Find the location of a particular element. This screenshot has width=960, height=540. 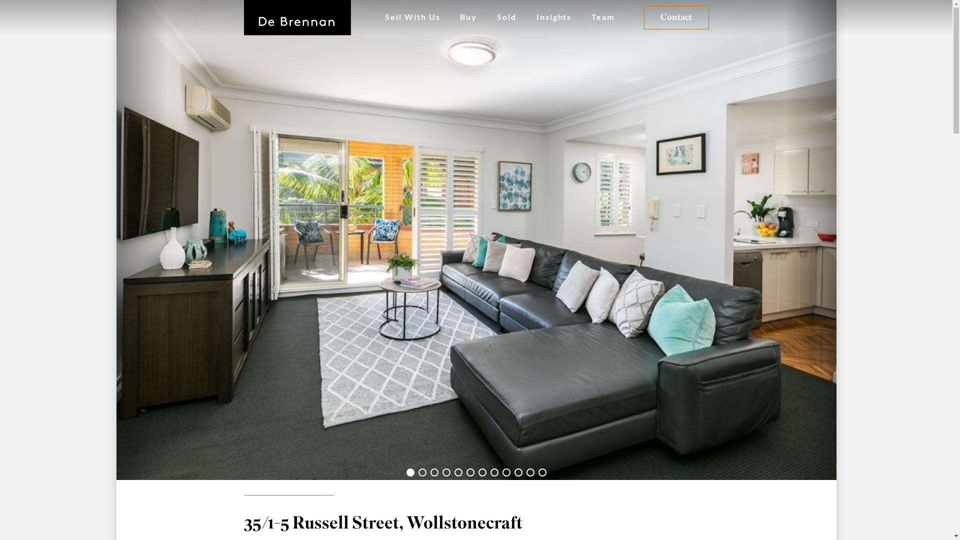

'Insights' is located at coordinates (553, 17).